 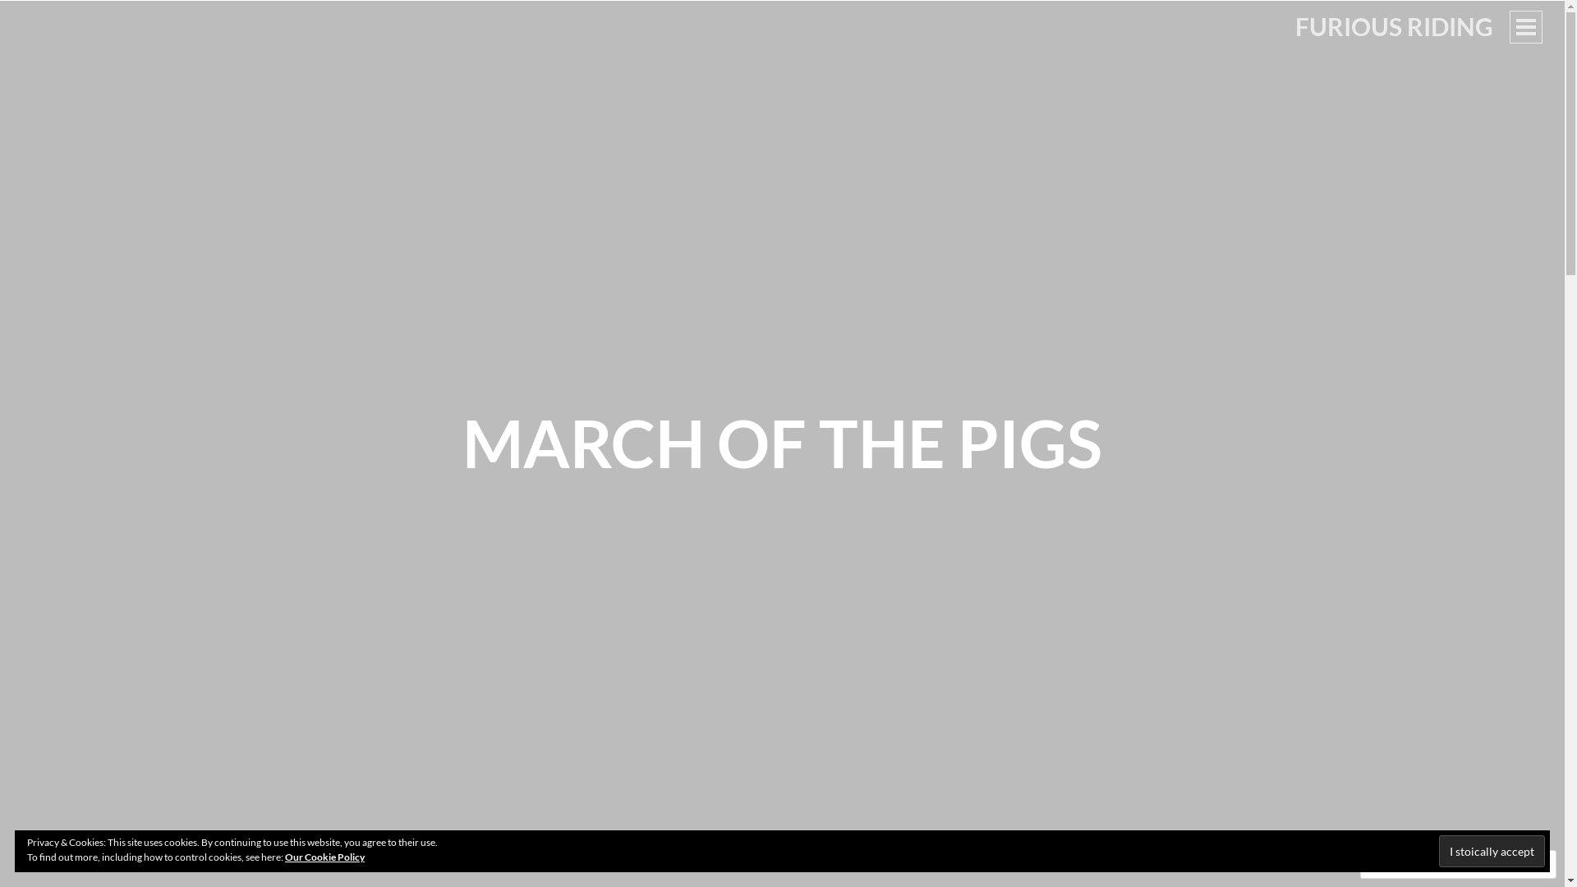 I want to click on 'Comment', so click(x=1404, y=863).